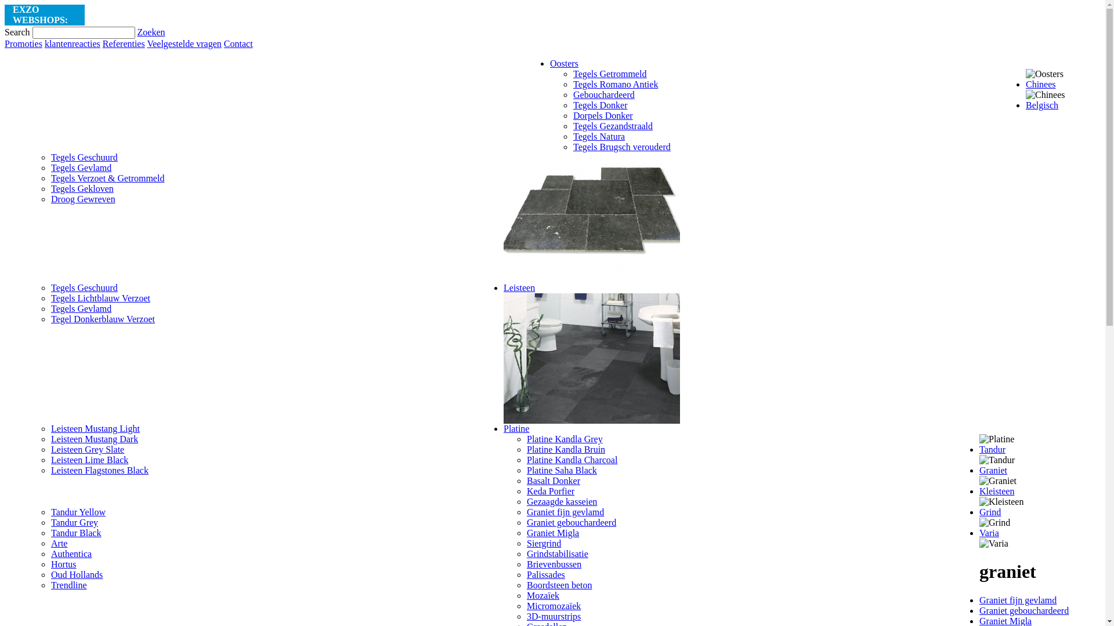 The image size is (1114, 626). I want to click on 'Grindstabilisatie', so click(557, 553).